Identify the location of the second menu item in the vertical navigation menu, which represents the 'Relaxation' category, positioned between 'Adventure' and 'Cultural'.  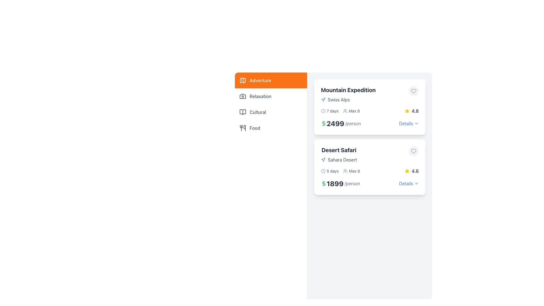
(271, 96).